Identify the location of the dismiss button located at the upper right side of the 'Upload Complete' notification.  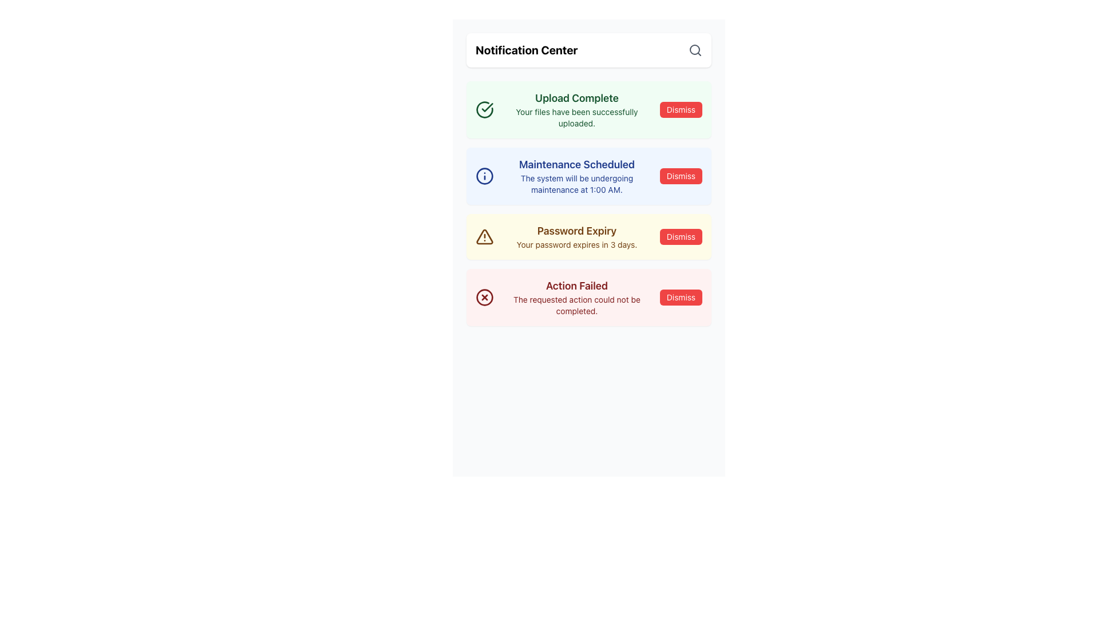
(681, 110).